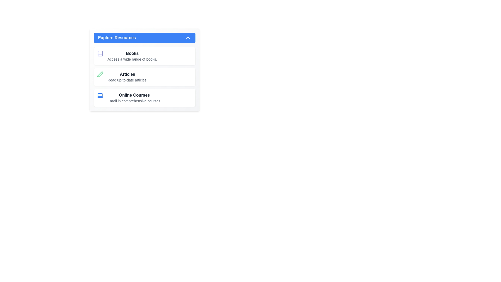 The image size is (501, 282). Describe the element at coordinates (127, 77) in the screenshot. I see `the 'Articles' text label, which features a bold title and a supporting description` at that location.